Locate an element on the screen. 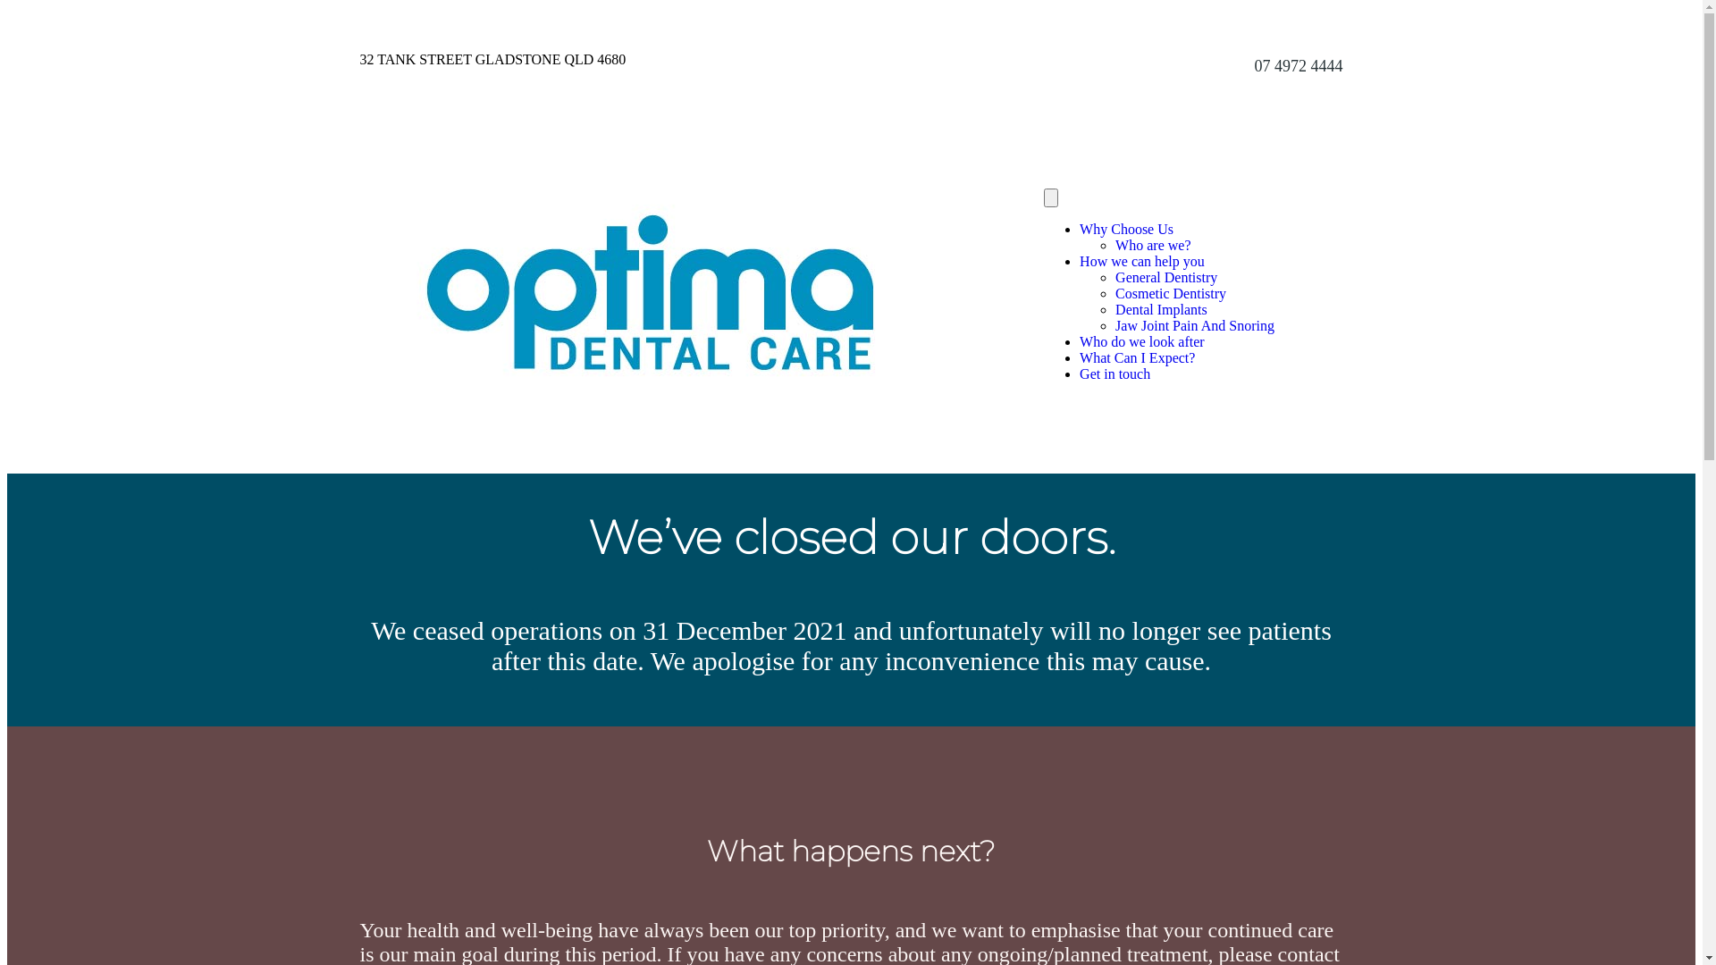 Image resolution: width=1716 pixels, height=965 pixels. 'Who do we look after' is located at coordinates (1140, 341).